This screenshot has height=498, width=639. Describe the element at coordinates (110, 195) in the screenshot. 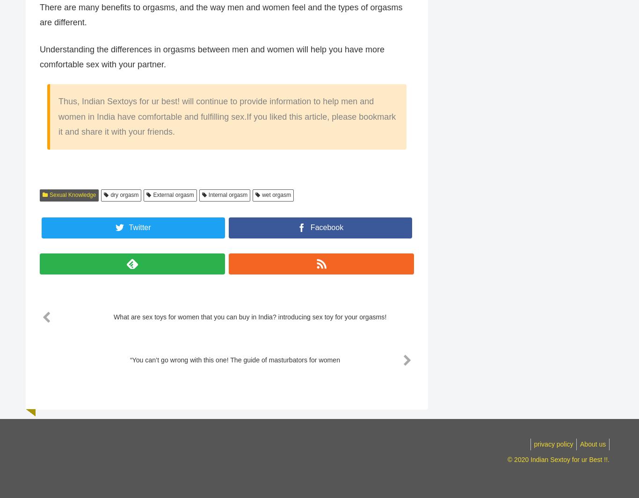

I see `'dry orgasm'` at that location.